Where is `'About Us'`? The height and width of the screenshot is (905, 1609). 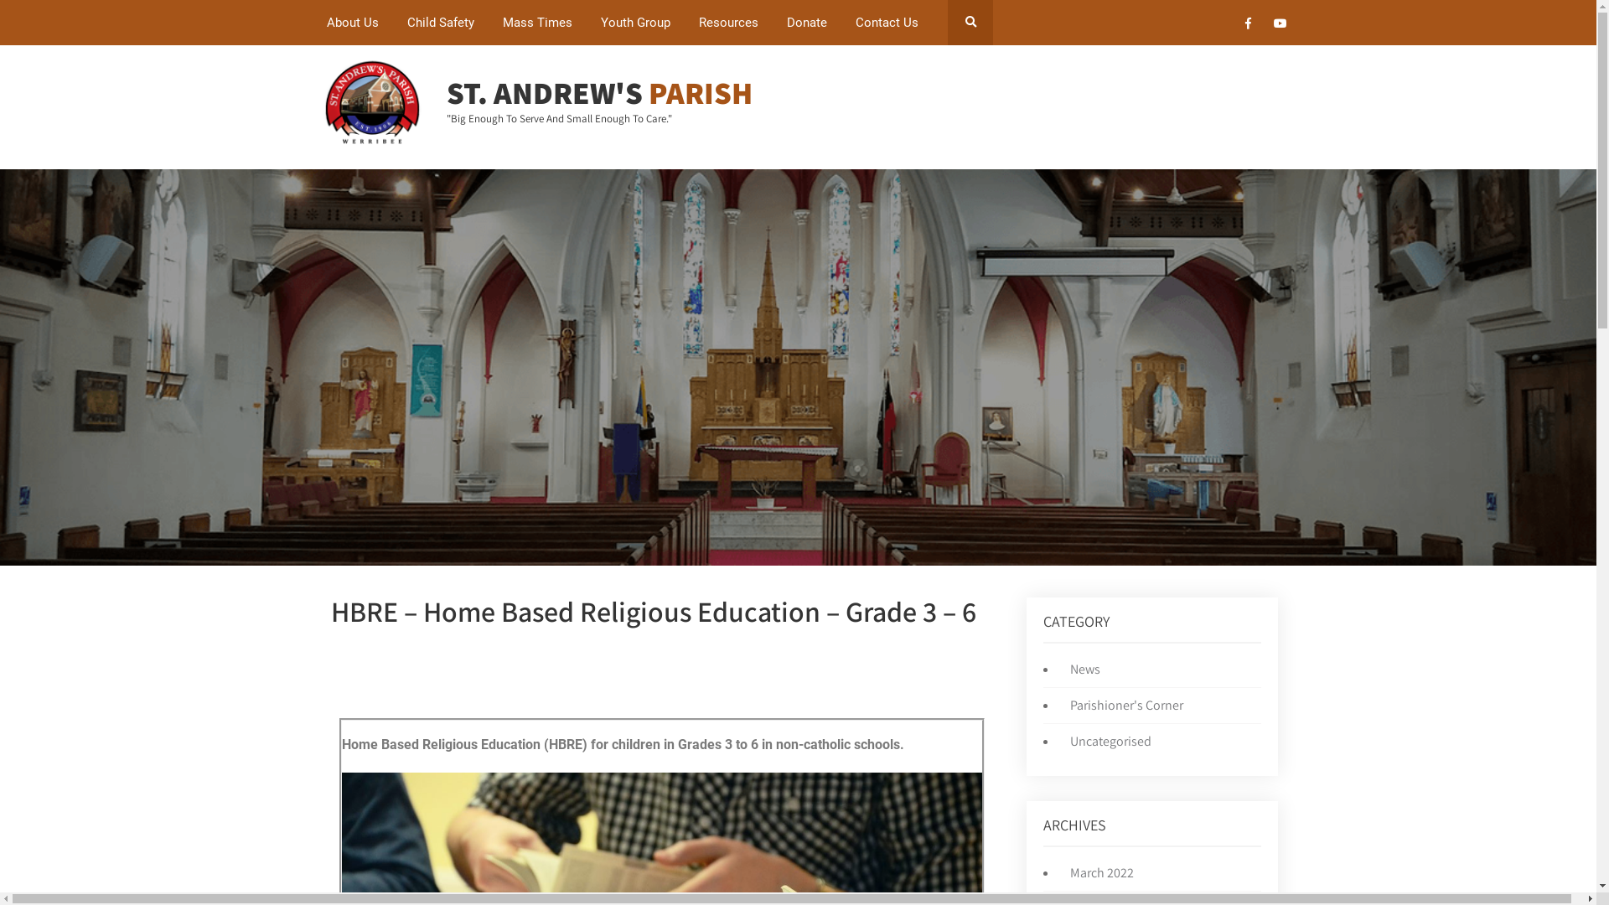
'About Us' is located at coordinates (352, 23).